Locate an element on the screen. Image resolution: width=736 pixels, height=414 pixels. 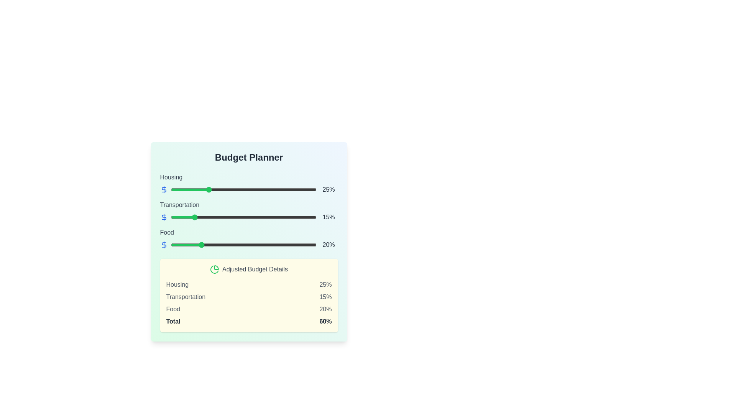
the housing budget percentage is located at coordinates (262, 189).